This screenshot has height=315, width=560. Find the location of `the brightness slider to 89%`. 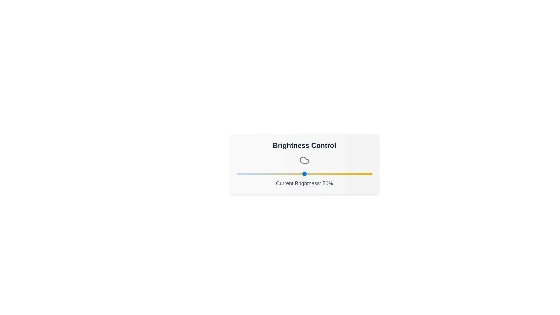

the brightness slider to 89% is located at coordinates (357, 174).